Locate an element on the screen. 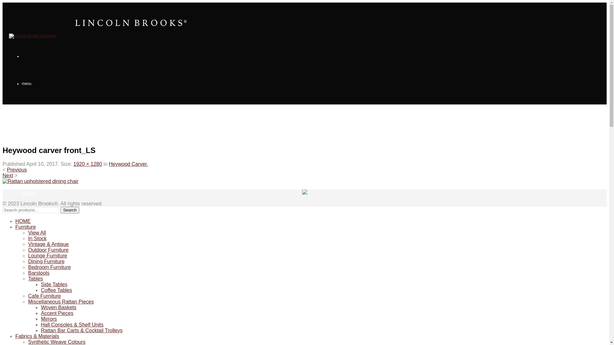 The width and height of the screenshot is (614, 345). 'Miscellaneous Rattan Pieces' is located at coordinates (61, 302).